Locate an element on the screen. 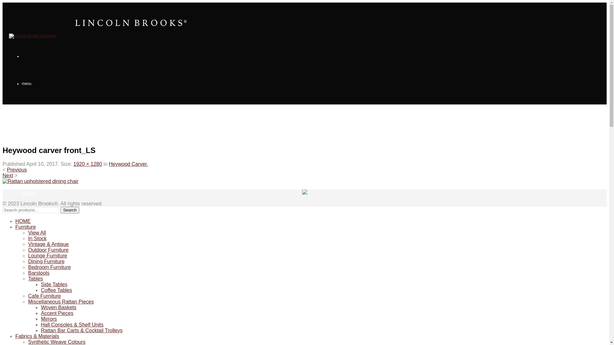 The width and height of the screenshot is (614, 345). 'Miscellaneous Rattan Pieces' is located at coordinates (61, 302).